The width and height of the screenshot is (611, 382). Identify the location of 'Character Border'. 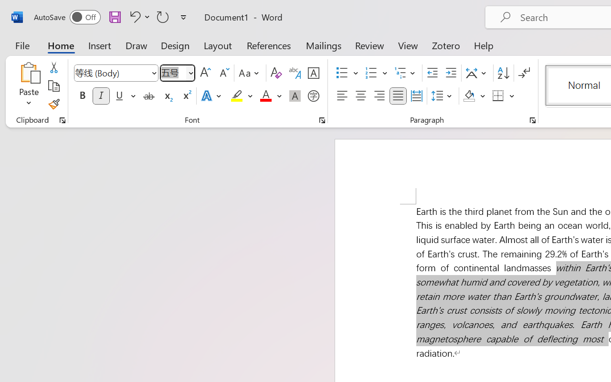
(313, 73).